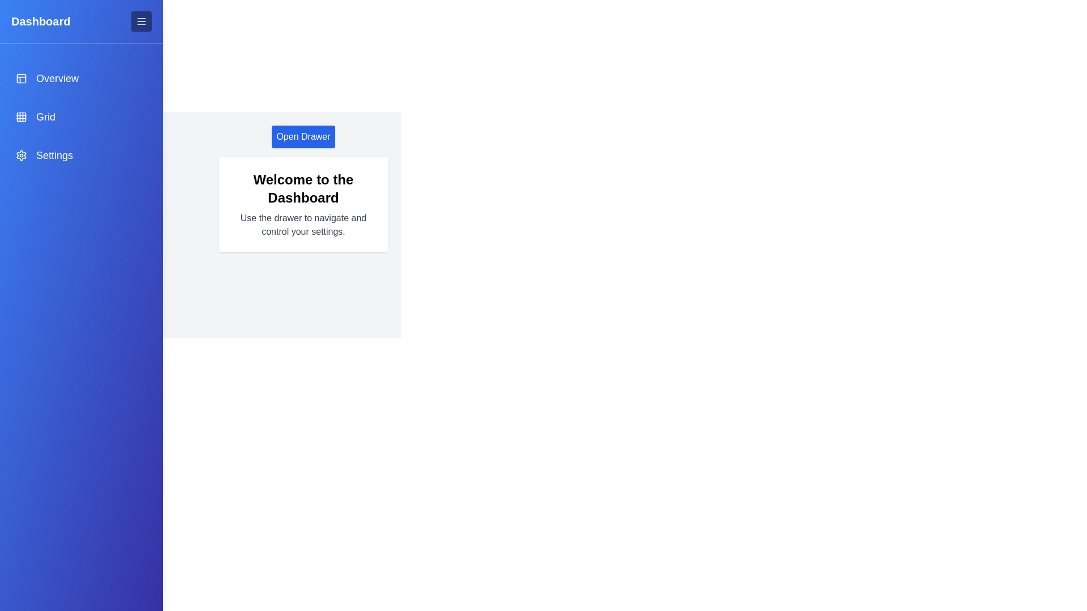  What do you see at coordinates (303, 136) in the screenshot?
I see `the 'Open Drawer' button to open the drawer` at bounding box center [303, 136].